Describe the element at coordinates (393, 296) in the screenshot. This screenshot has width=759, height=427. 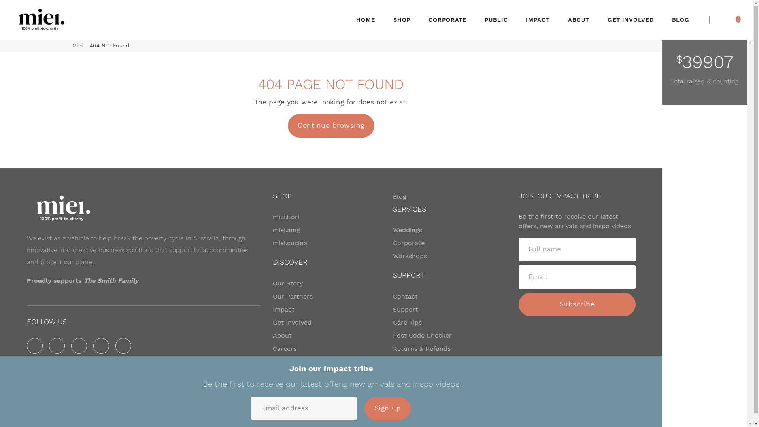
I see `'Contact'` at that location.